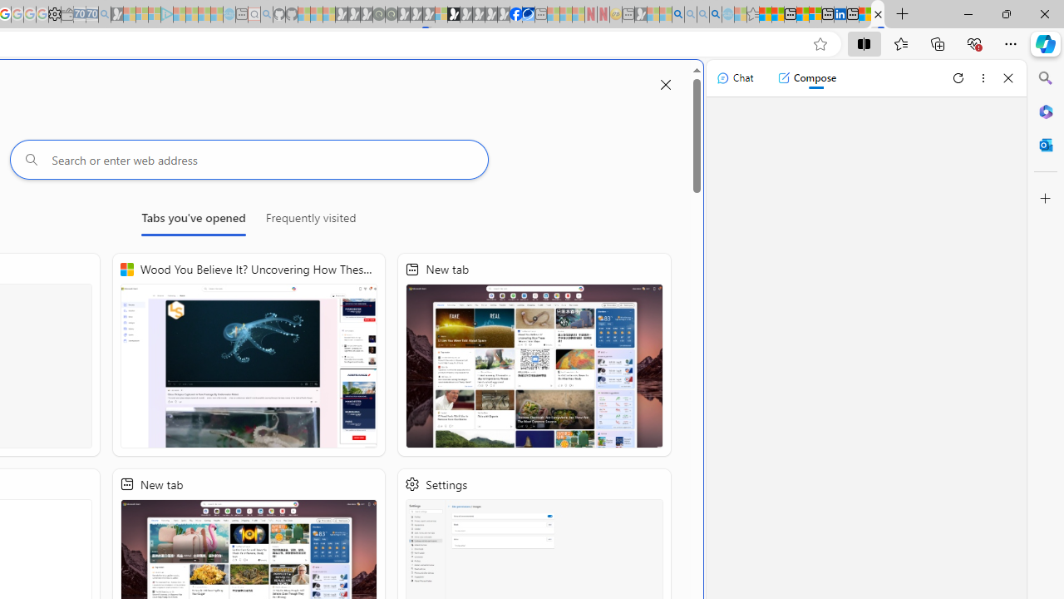  What do you see at coordinates (248, 159) in the screenshot?
I see `'Search or enter web address'` at bounding box center [248, 159].